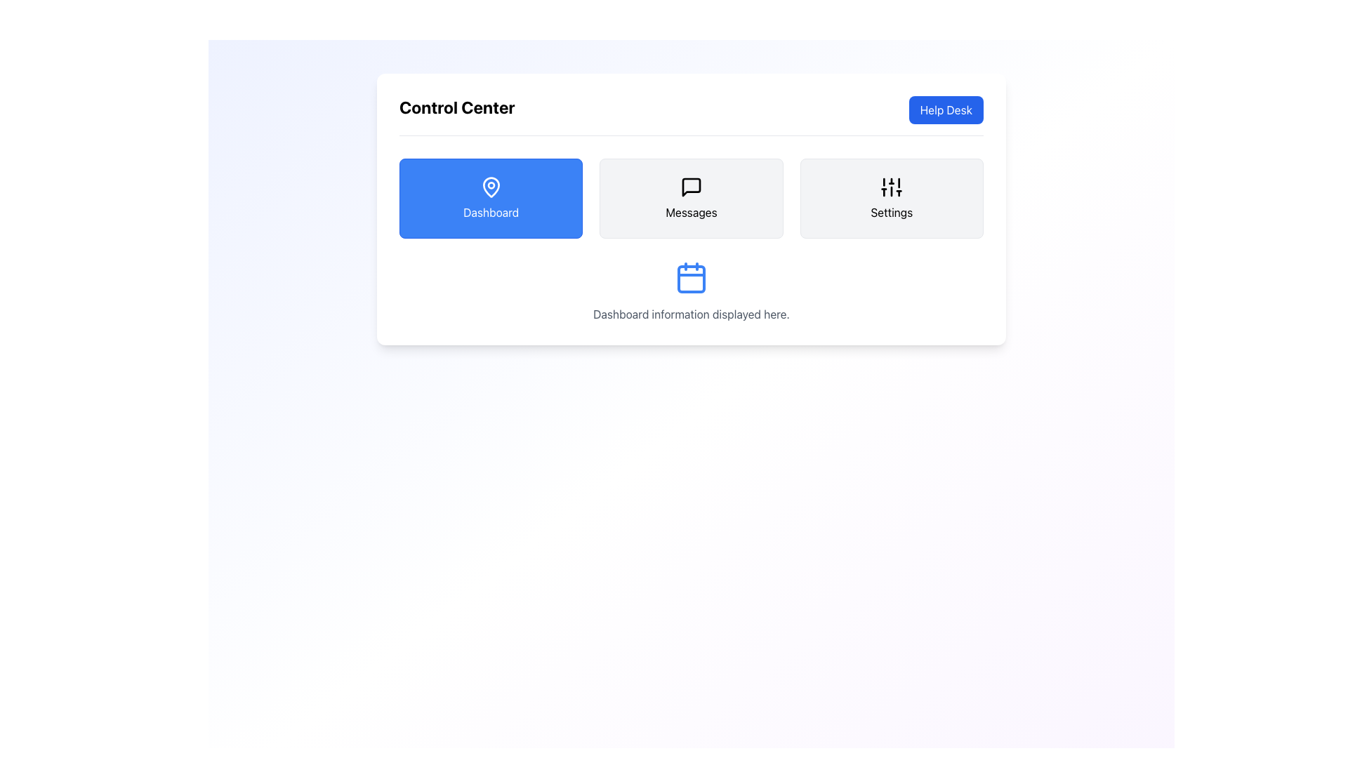  I want to click on the 'Dashboard' label, which is displayed in white font on a blue background and is located at the bottom center of a rounded button in the 'Control Center' section, so click(491, 213).